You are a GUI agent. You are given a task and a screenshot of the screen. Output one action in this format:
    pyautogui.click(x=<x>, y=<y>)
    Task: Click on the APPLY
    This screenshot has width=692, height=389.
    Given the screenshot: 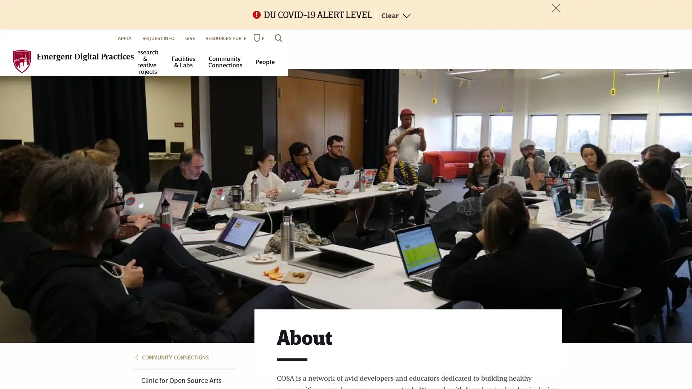 What is the action you would take?
    pyautogui.click(x=398, y=38)
    